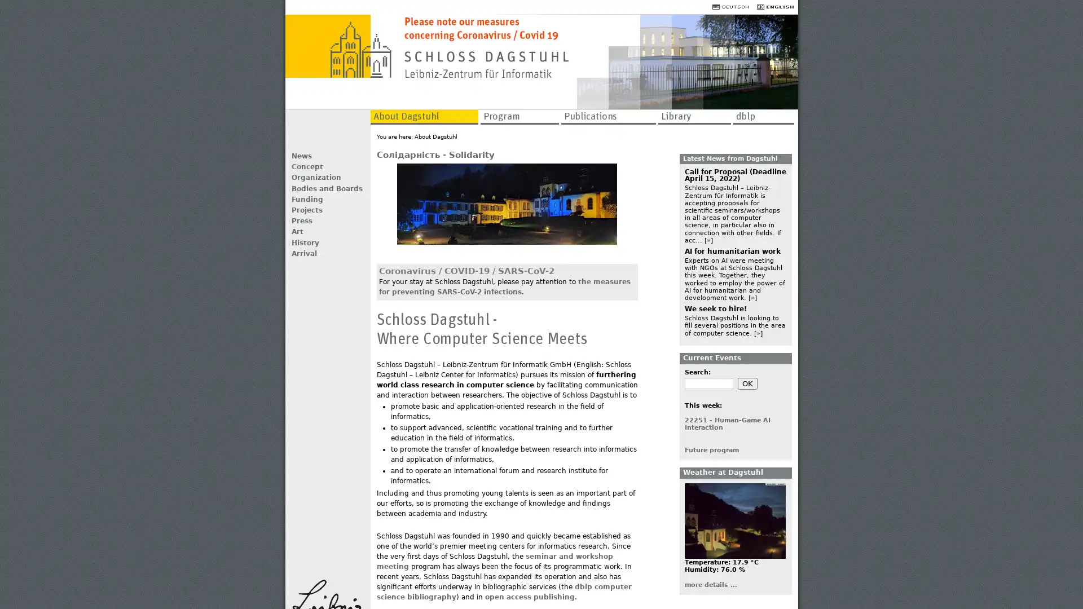 The width and height of the screenshot is (1083, 609). What do you see at coordinates (747, 382) in the screenshot?
I see `OK` at bounding box center [747, 382].